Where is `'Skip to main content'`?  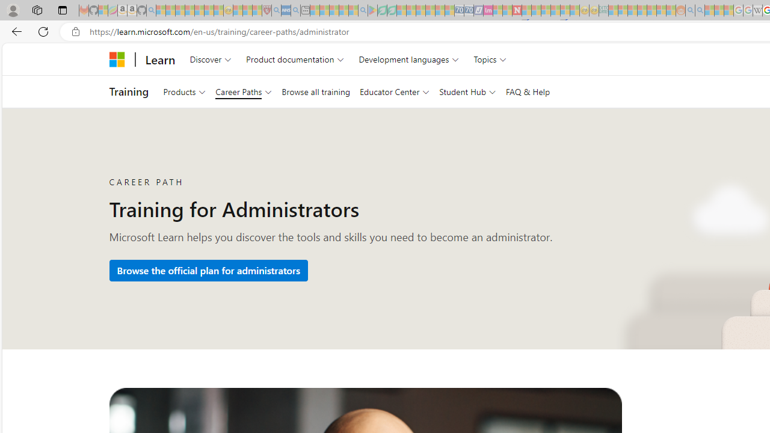
'Skip to main content' is located at coordinates (11, 52).